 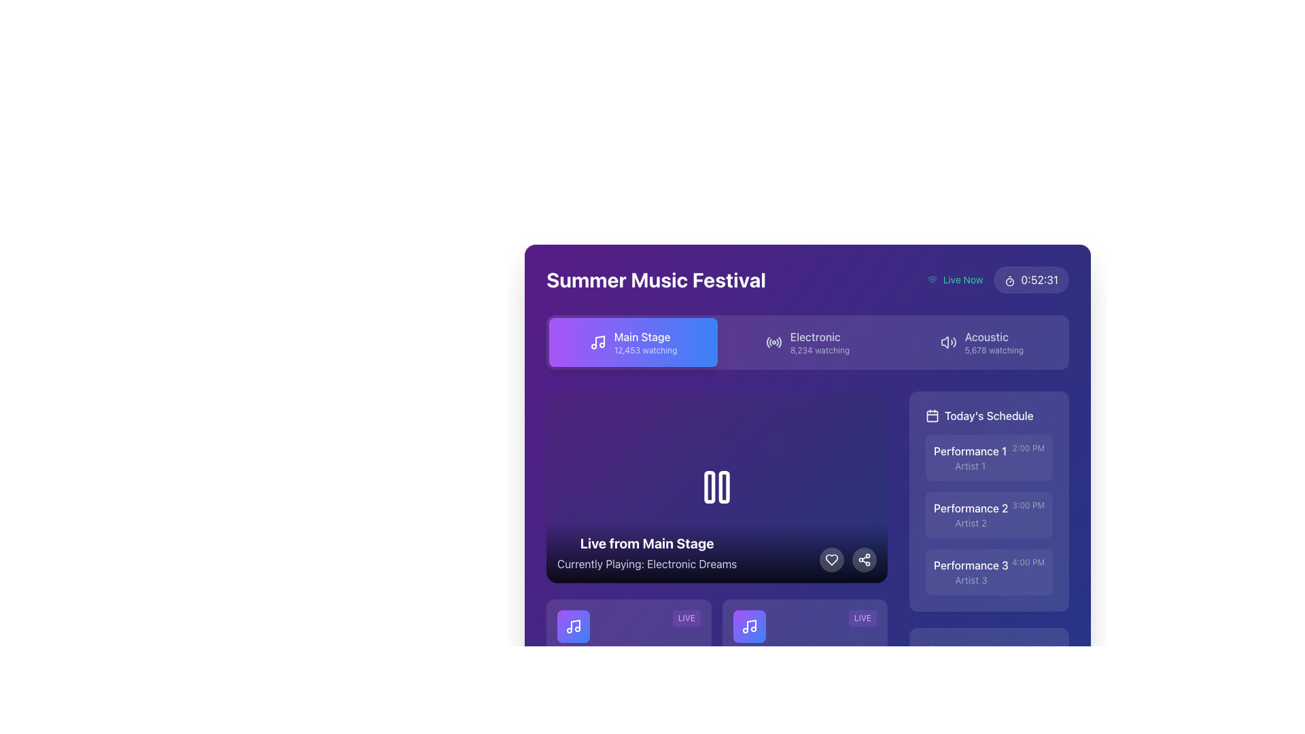 What do you see at coordinates (848, 560) in the screenshot?
I see `the share icon in the group of two circular interactive buttons located at the bottom-right side of the 'Live from Main Stage' section, adjacent to the text 'Currently Playing: Electronic Dreams'` at bounding box center [848, 560].